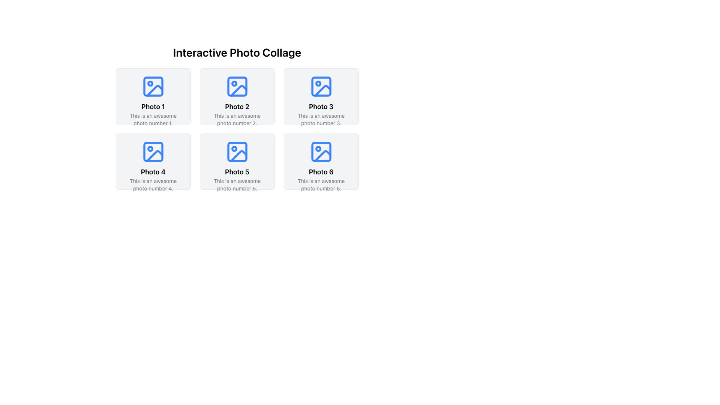 The image size is (720, 405). I want to click on title 'Photo 1' from the text label located at the center of the top-left photo card in the grid layout, so click(153, 107).